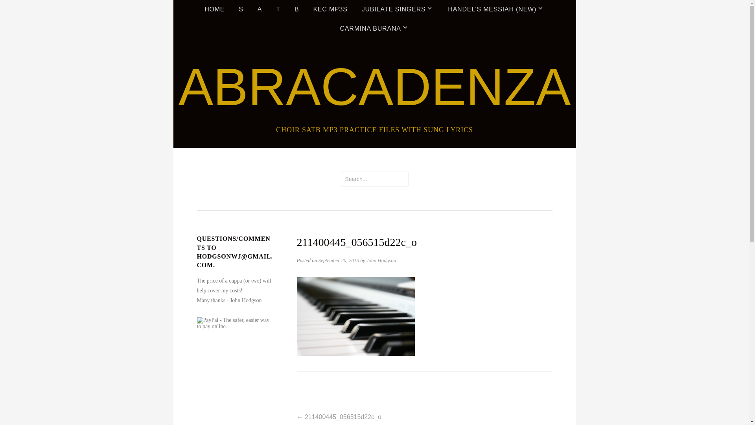 The height and width of the screenshot is (425, 755). Describe the element at coordinates (240, 9) in the screenshot. I see `'S'` at that location.